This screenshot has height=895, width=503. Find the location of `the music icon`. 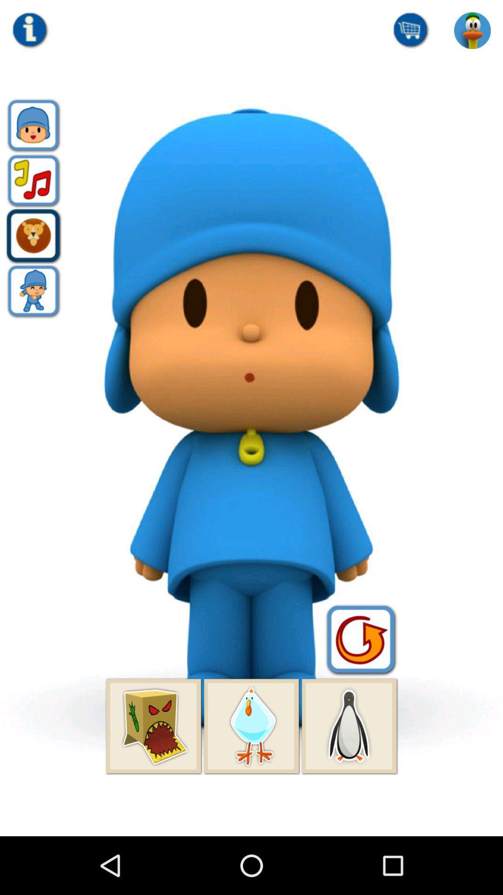

the music icon is located at coordinates (33, 193).